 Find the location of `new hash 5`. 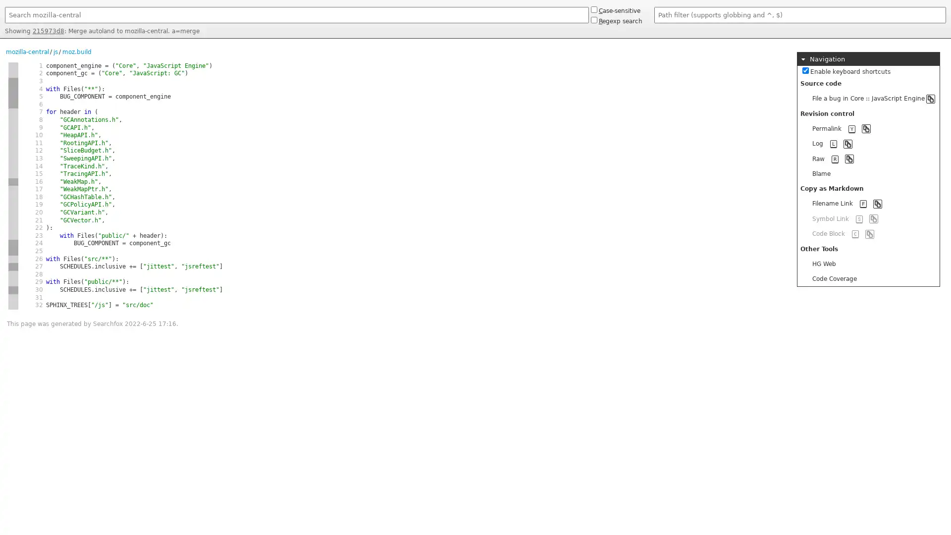

new hash 5 is located at coordinates (13, 297).